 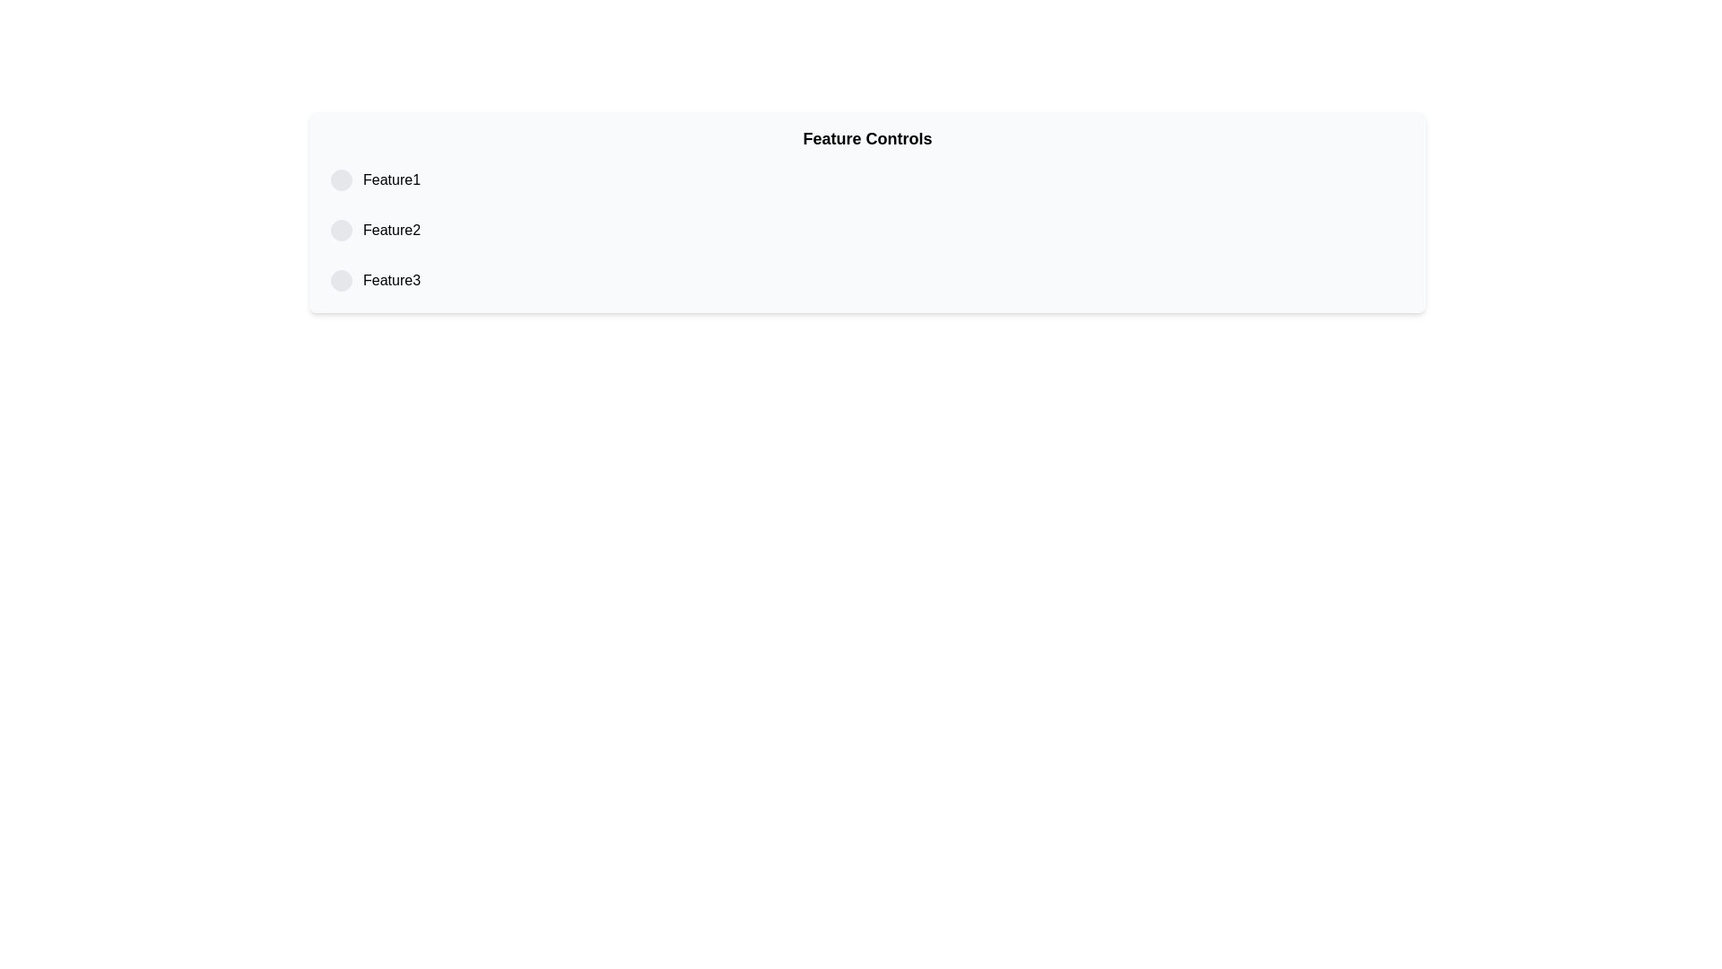 I want to click on the radio button associated with 'Feature3', so click(x=341, y=280).